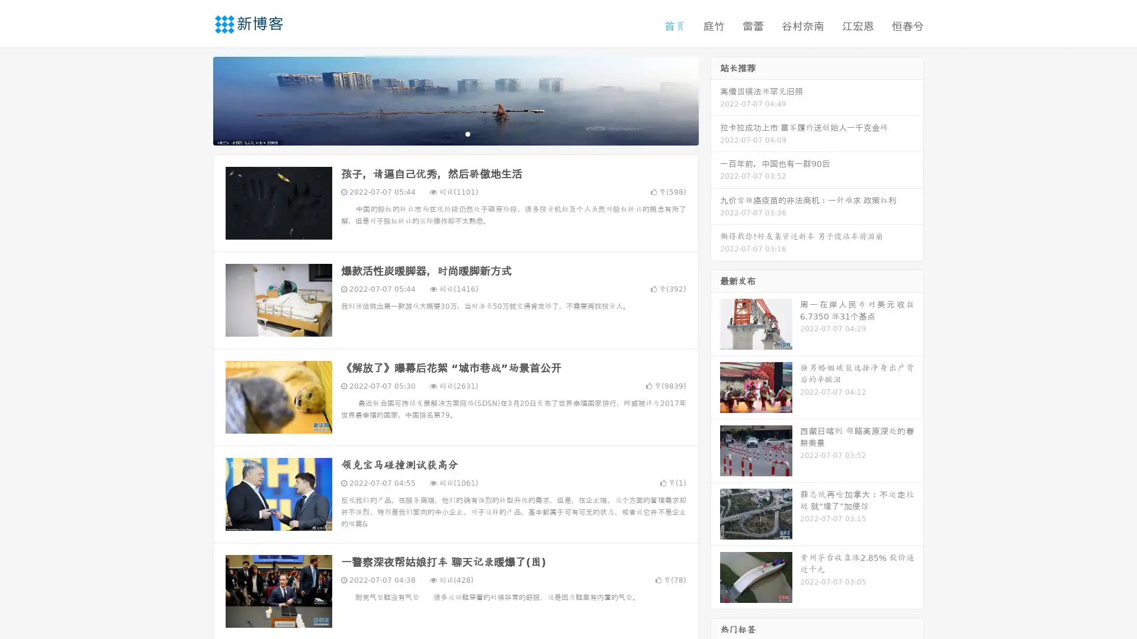 The height and width of the screenshot is (639, 1137). What do you see at coordinates (455, 133) in the screenshot?
I see `Go to slide 2` at bounding box center [455, 133].